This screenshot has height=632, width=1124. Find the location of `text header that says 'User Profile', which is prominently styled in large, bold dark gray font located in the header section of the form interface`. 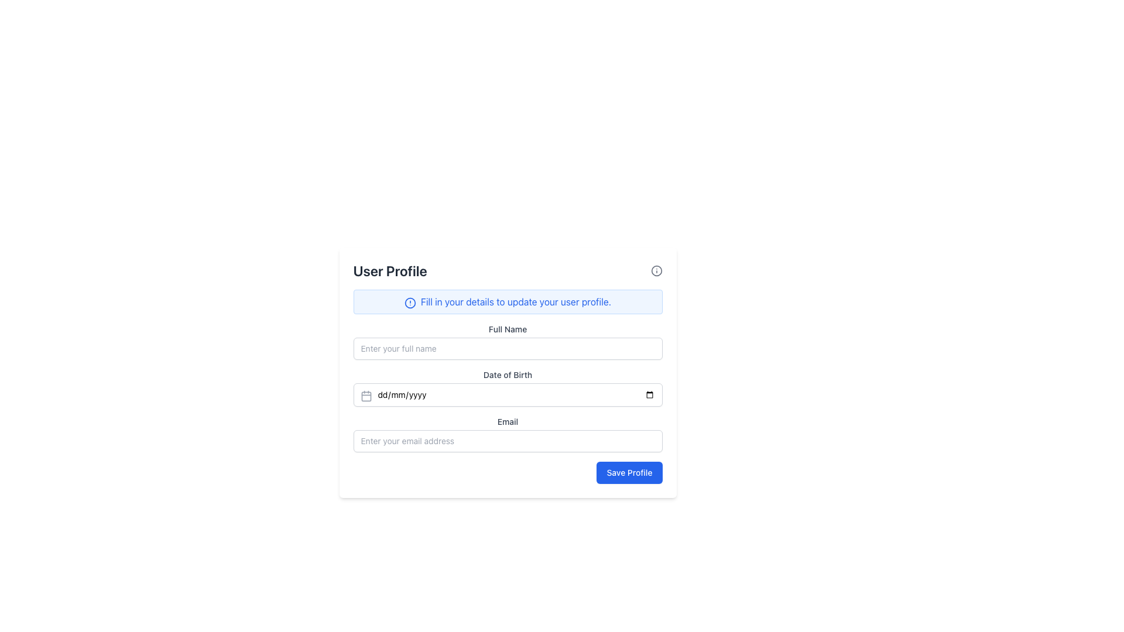

text header that says 'User Profile', which is prominently styled in large, bold dark gray font located in the header section of the form interface is located at coordinates (390, 270).